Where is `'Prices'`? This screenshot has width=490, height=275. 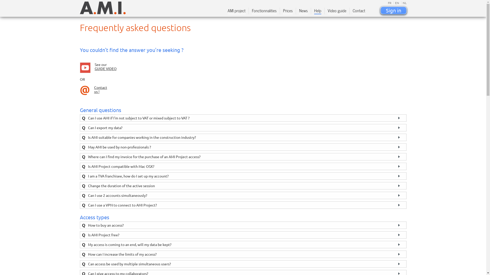
'Prices' is located at coordinates (288, 11).